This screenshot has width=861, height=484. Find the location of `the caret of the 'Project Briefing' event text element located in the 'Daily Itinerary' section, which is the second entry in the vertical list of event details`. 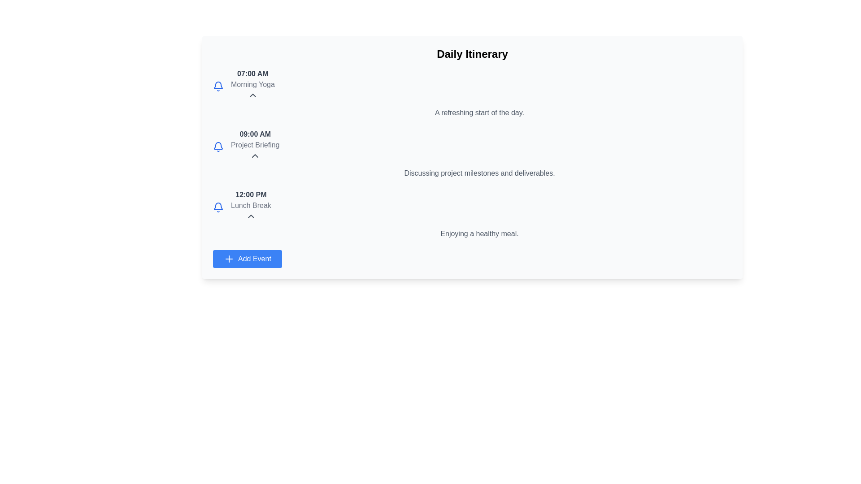

the caret of the 'Project Briefing' event text element located in the 'Daily Itinerary' section, which is the second entry in the vertical list of event details is located at coordinates (255, 146).